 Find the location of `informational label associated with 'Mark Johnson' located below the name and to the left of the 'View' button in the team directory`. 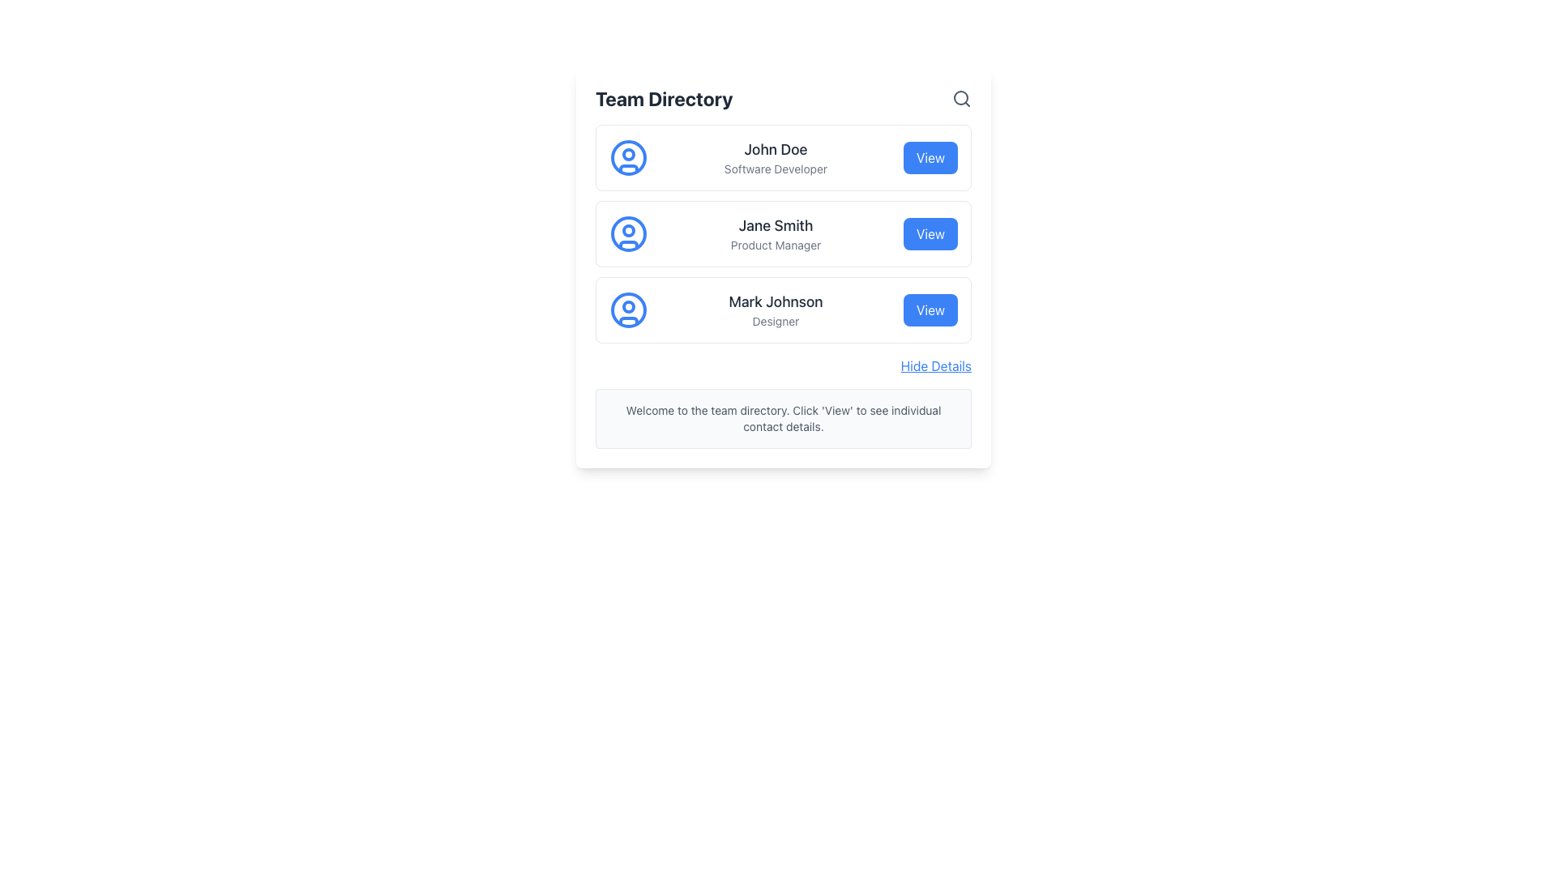

informational label associated with 'Mark Johnson' located below the name and to the left of the 'View' button in the team directory is located at coordinates (775, 322).